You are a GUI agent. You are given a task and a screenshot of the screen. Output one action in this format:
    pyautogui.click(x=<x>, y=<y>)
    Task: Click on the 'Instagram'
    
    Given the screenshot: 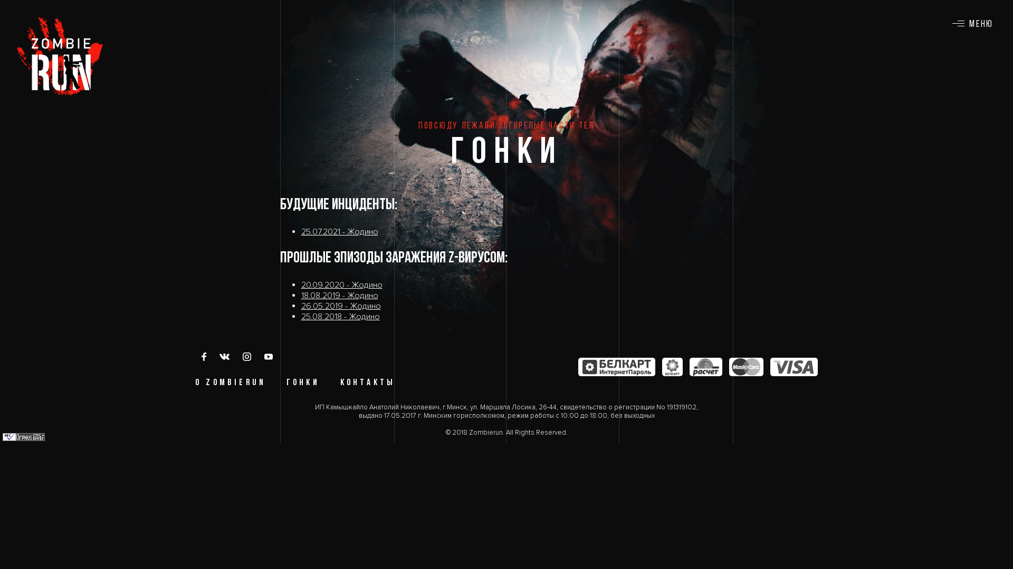 What is the action you would take?
    pyautogui.click(x=246, y=356)
    